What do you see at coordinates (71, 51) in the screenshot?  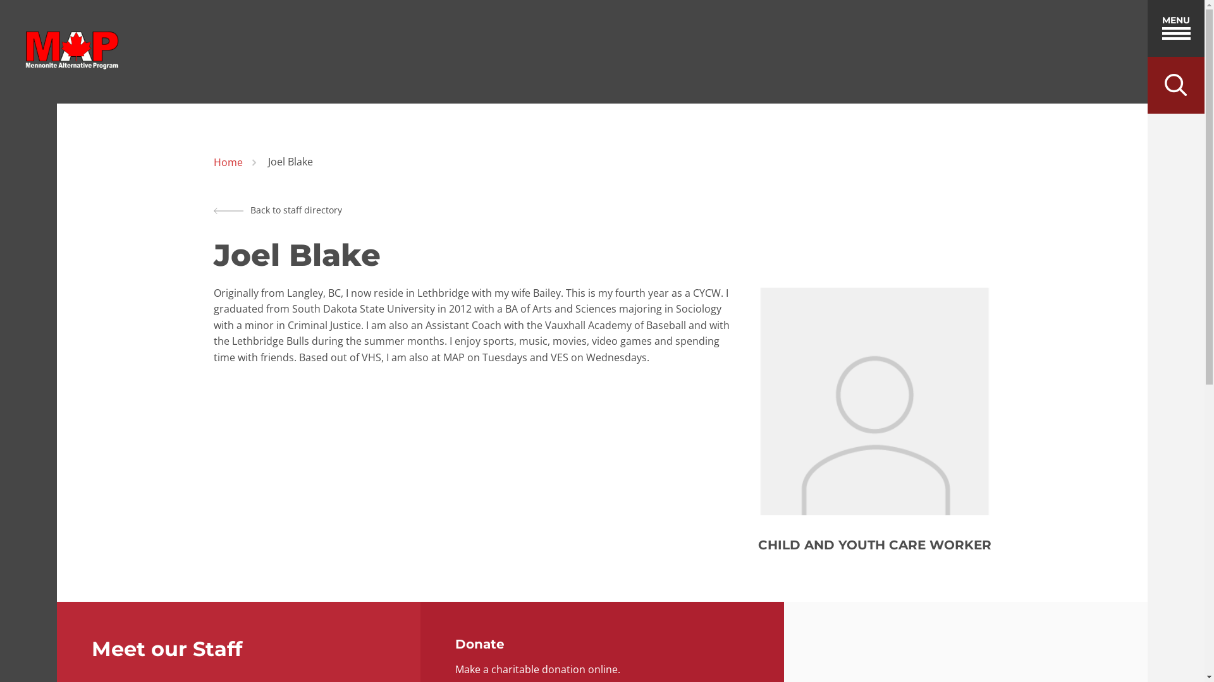 I see `'home'` at bounding box center [71, 51].